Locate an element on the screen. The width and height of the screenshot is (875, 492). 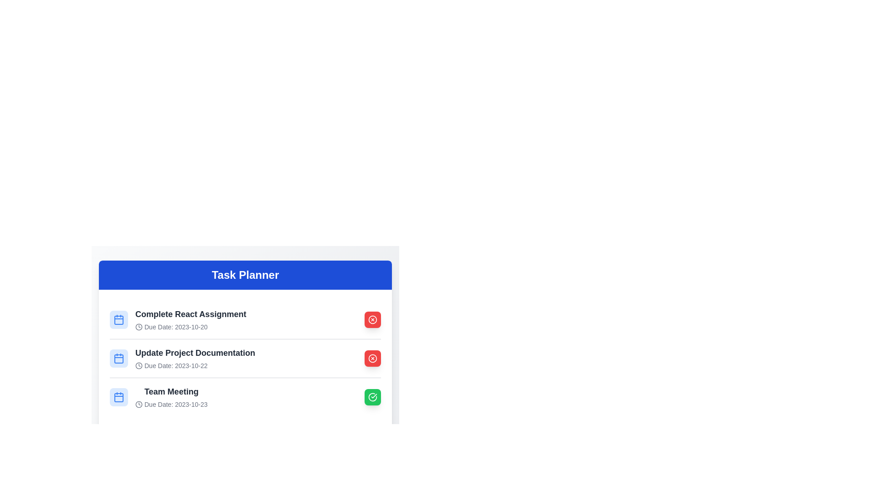
the 'Team Meeting' task entry block, which is the third item under 'Task Planner' is located at coordinates (245, 396).